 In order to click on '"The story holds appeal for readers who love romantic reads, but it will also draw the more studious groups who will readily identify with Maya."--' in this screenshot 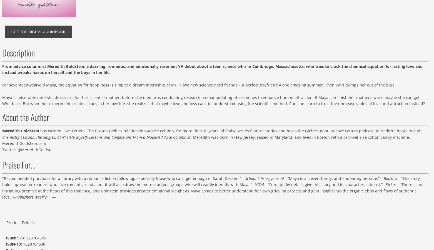, I will do `click(211, 181)`.